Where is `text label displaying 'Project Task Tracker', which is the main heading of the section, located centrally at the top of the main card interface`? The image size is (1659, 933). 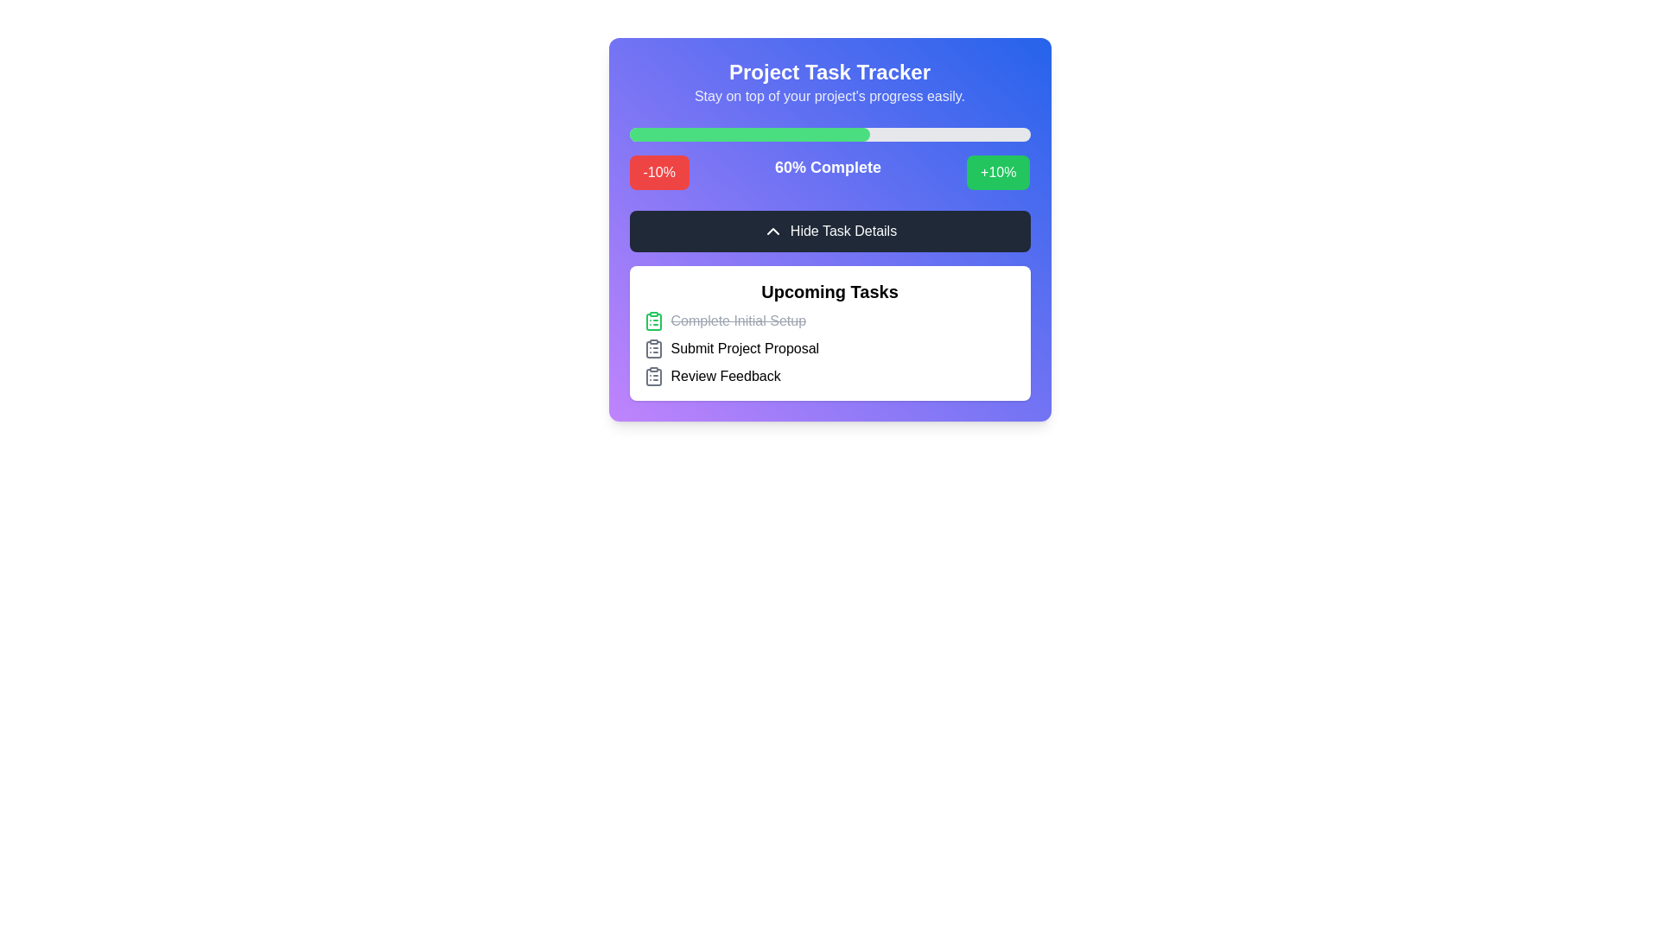
text label displaying 'Project Task Tracker', which is the main heading of the section, located centrally at the top of the main card interface is located at coordinates (829, 72).